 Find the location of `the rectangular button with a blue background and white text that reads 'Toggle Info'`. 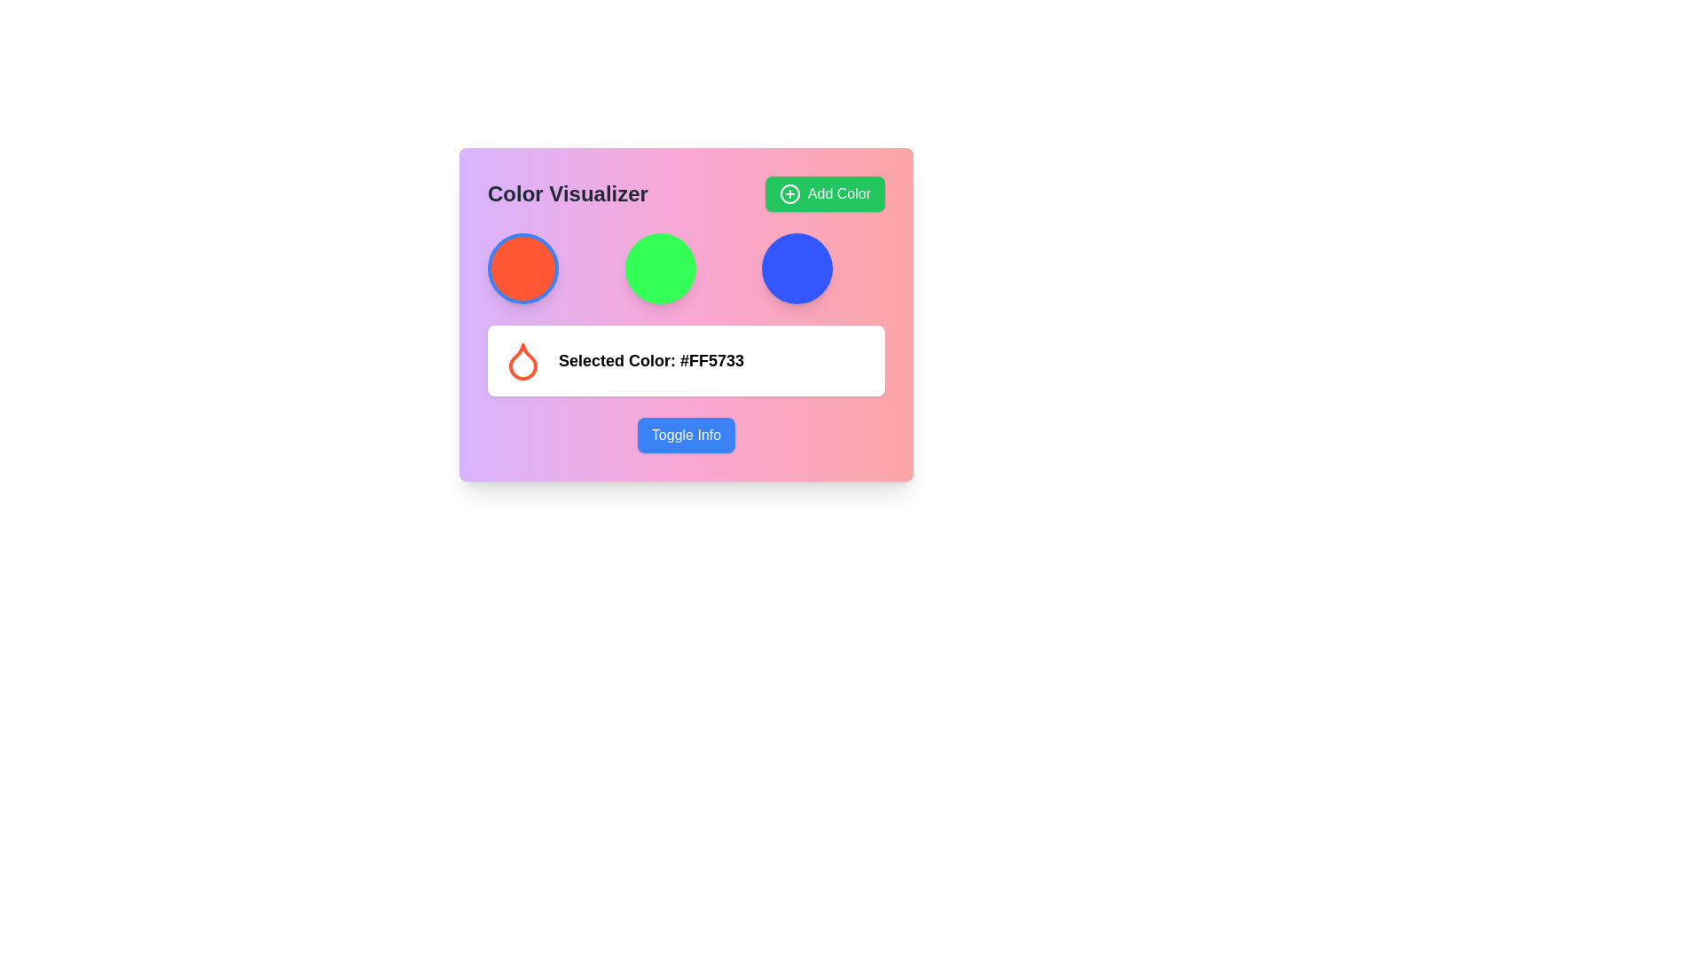

the rectangular button with a blue background and white text that reads 'Toggle Info' is located at coordinates (685, 435).